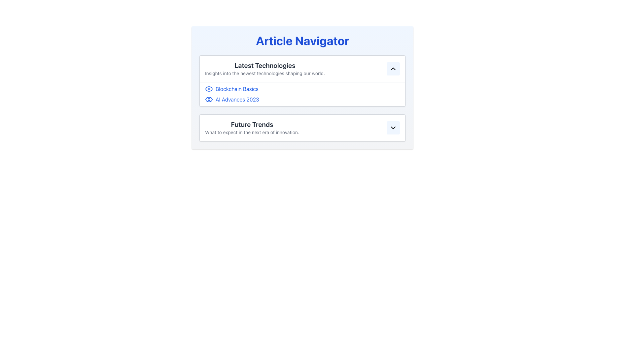 This screenshot has width=634, height=356. What do you see at coordinates (209, 89) in the screenshot?
I see `the icon representing visibility or access for the 'Blockchain Basics' link in the 'Latest Technologies' section` at bounding box center [209, 89].